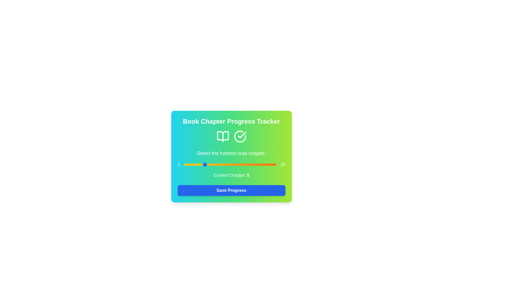 The width and height of the screenshot is (517, 291). I want to click on the book icon to trigger visual feedback, so click(223, 136).